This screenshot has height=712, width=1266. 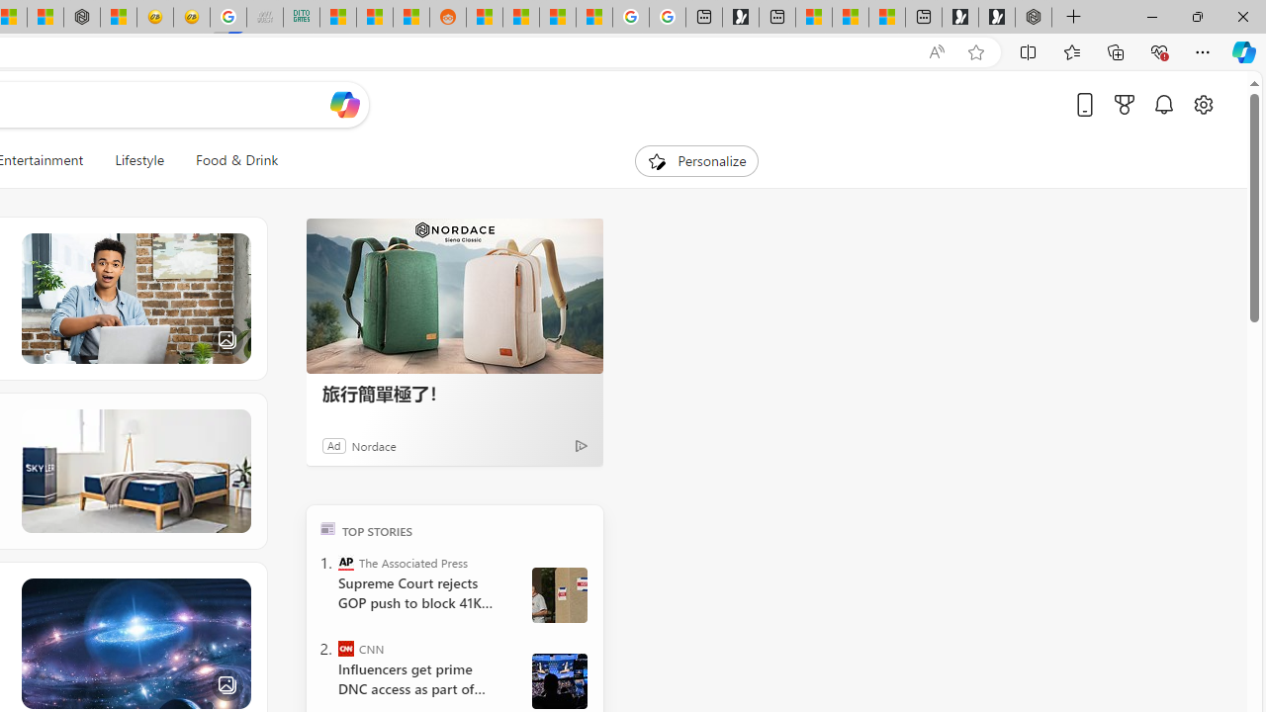 What do you see at coordinates (328, 527) in the screenshot?
I see `'TOP'` at bounding box center [328, 527].